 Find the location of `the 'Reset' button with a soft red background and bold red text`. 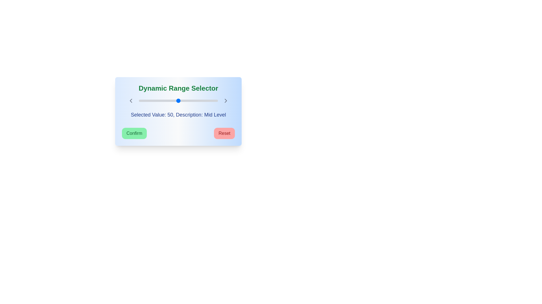

the 'Reset' button with a soft red background and bold red text is located at coordinates (224, 133).